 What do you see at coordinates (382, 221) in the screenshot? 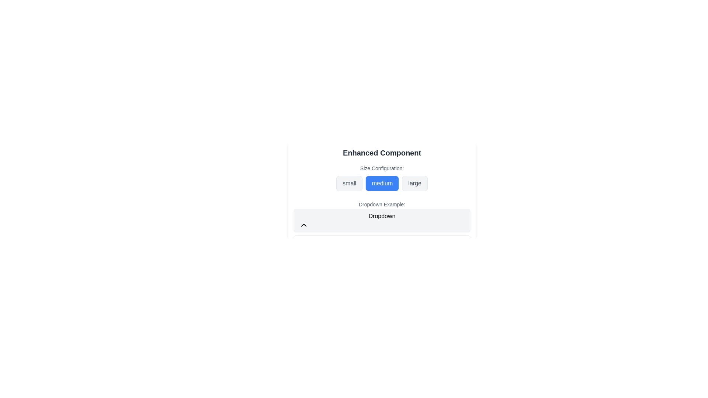
I see `the Dropdown trigger element located below the label 'Dropdown Example:'` at bounding box center [382, 221].